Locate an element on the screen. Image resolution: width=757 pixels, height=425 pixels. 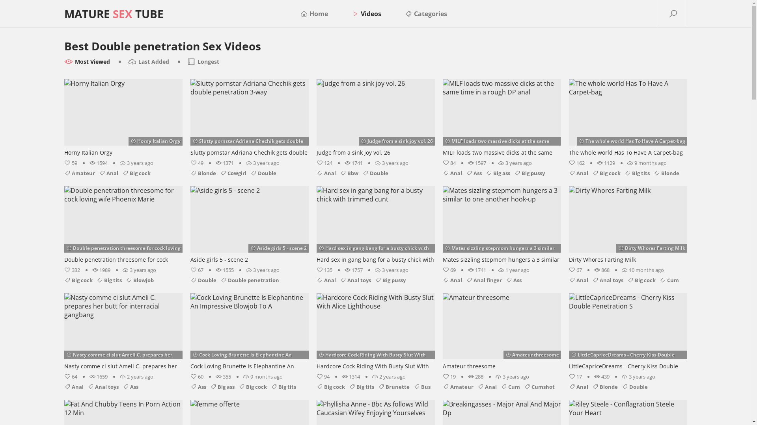
'Anal' is located at coordinates (73, 386).